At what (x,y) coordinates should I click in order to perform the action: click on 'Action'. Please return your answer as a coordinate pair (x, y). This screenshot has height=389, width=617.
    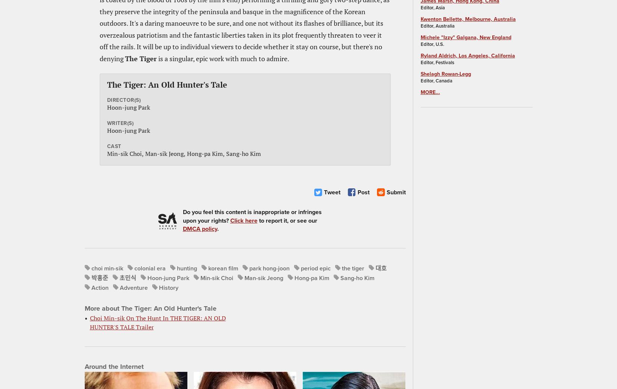
    Looking at the image, I should click on (99, 288).